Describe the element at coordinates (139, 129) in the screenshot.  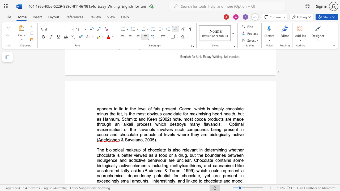
I see `the space between the continuous character "f" and "l" in the text` at that location.